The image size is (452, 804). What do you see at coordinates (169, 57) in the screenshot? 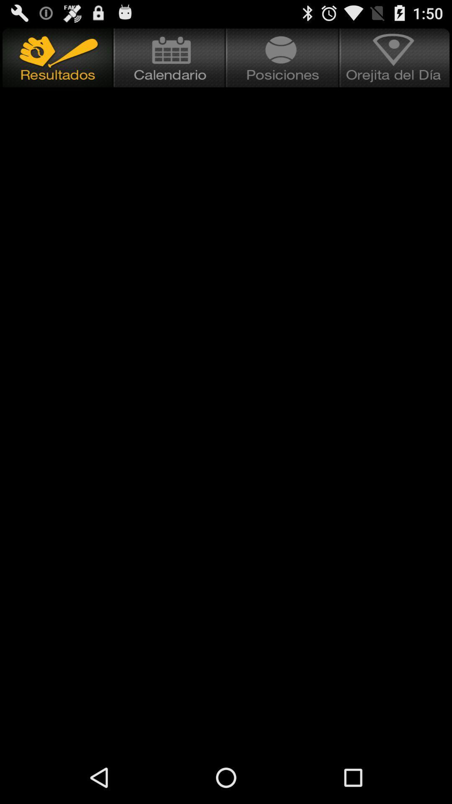
I see `check the calender` at bounding box center [169, 57].